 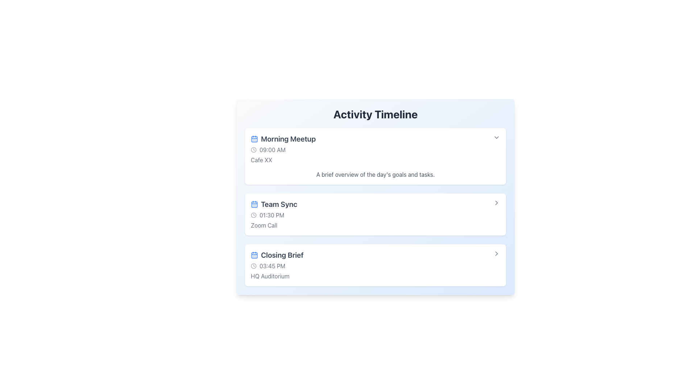 What do you see at coordinates (376, 156) in the screenshot?
I see `the first activity card in the 'Activity Timeline' stack, which provides details about a scheduled activity including name, time, location, and agenda description` at bounding box center [376, 156].